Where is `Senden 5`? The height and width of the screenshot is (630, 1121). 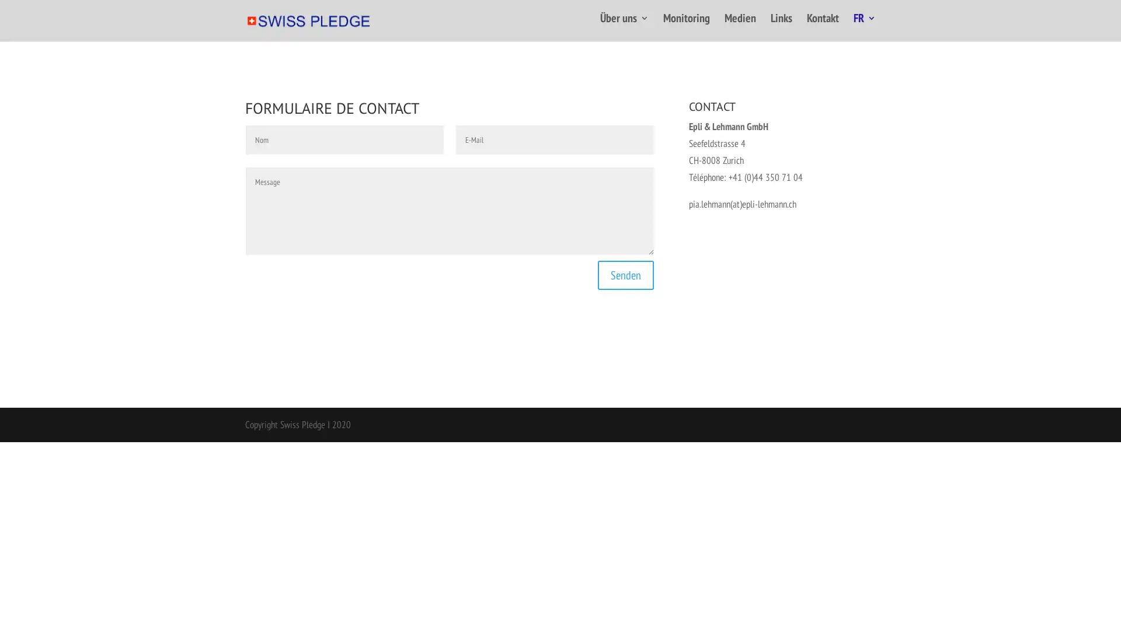
Senden 5 is located at coordinates (625, 272).